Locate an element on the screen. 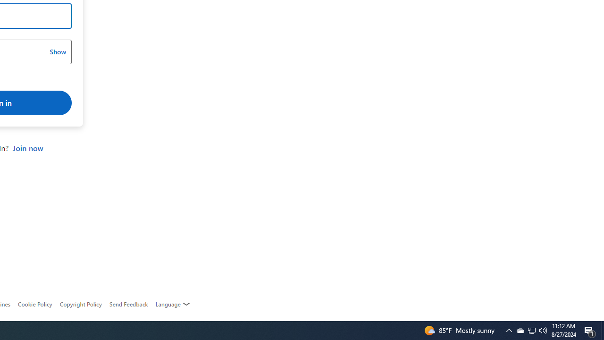  'Copyright Policy' is located at coordinates (80, 304).